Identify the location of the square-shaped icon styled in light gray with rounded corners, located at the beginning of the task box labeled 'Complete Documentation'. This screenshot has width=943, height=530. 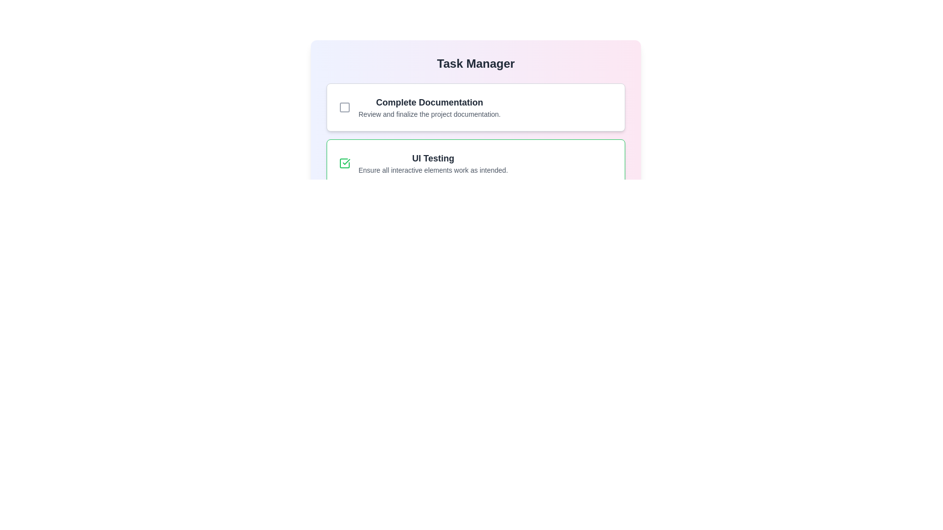
(344, 107).